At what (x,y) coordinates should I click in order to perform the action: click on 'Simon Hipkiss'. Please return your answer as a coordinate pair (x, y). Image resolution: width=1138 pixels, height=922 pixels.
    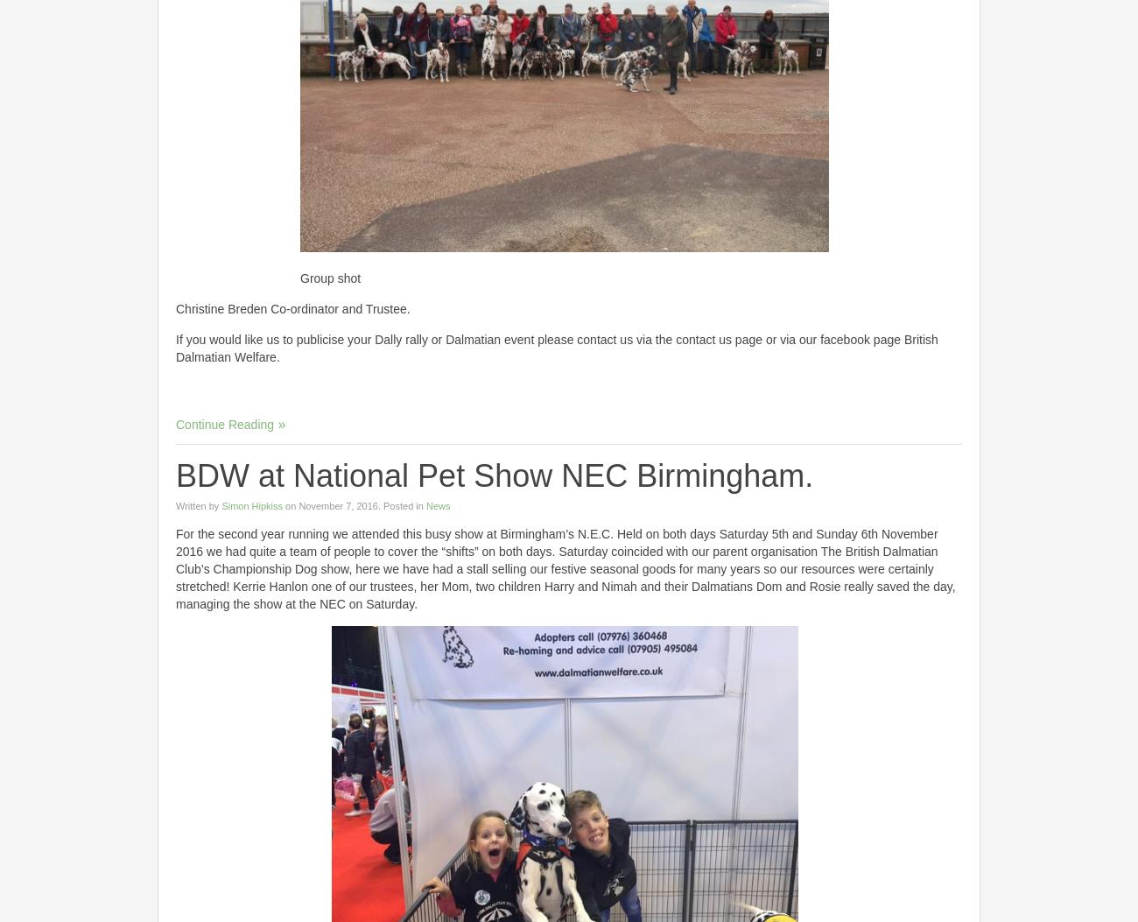
    Looking at the image, I should click on (251, 505).